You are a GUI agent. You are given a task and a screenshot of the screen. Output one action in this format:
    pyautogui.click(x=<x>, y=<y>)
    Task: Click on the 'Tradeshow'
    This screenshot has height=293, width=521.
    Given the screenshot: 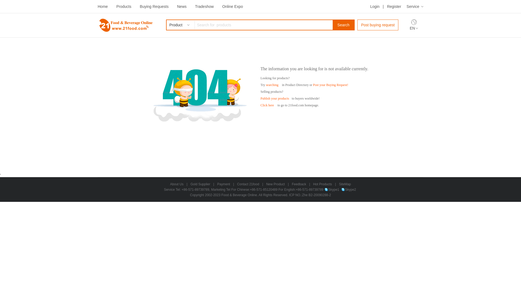 What is the action you would take?
    pyautogui.click(x=195, y=6)
    